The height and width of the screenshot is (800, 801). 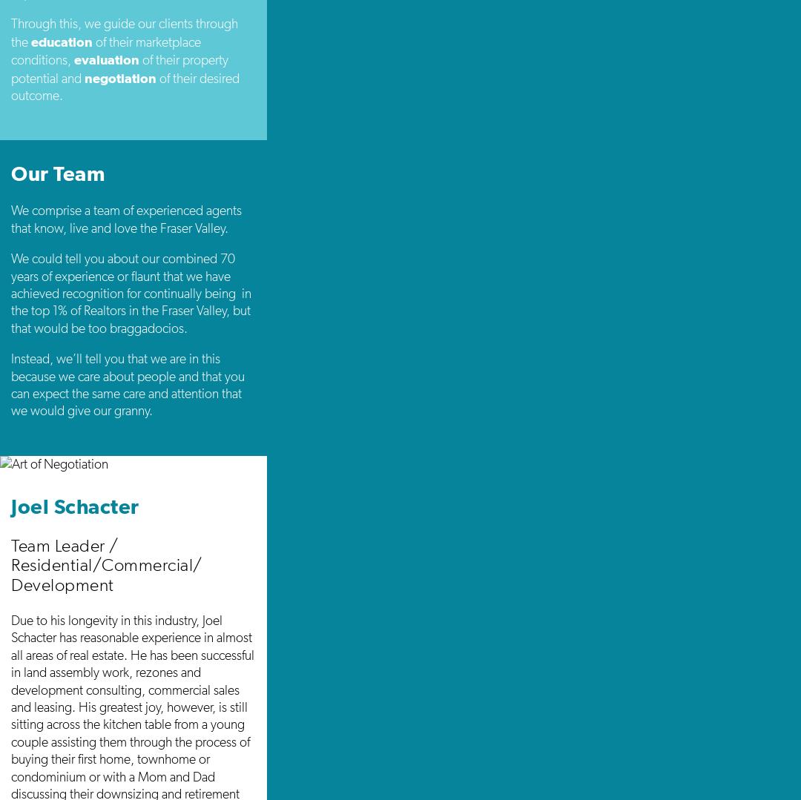 What do you see at coordinates (105, 50) in the screenshot?
I see `'of their marketplace conditions,'` at bounding box center [105, 50].